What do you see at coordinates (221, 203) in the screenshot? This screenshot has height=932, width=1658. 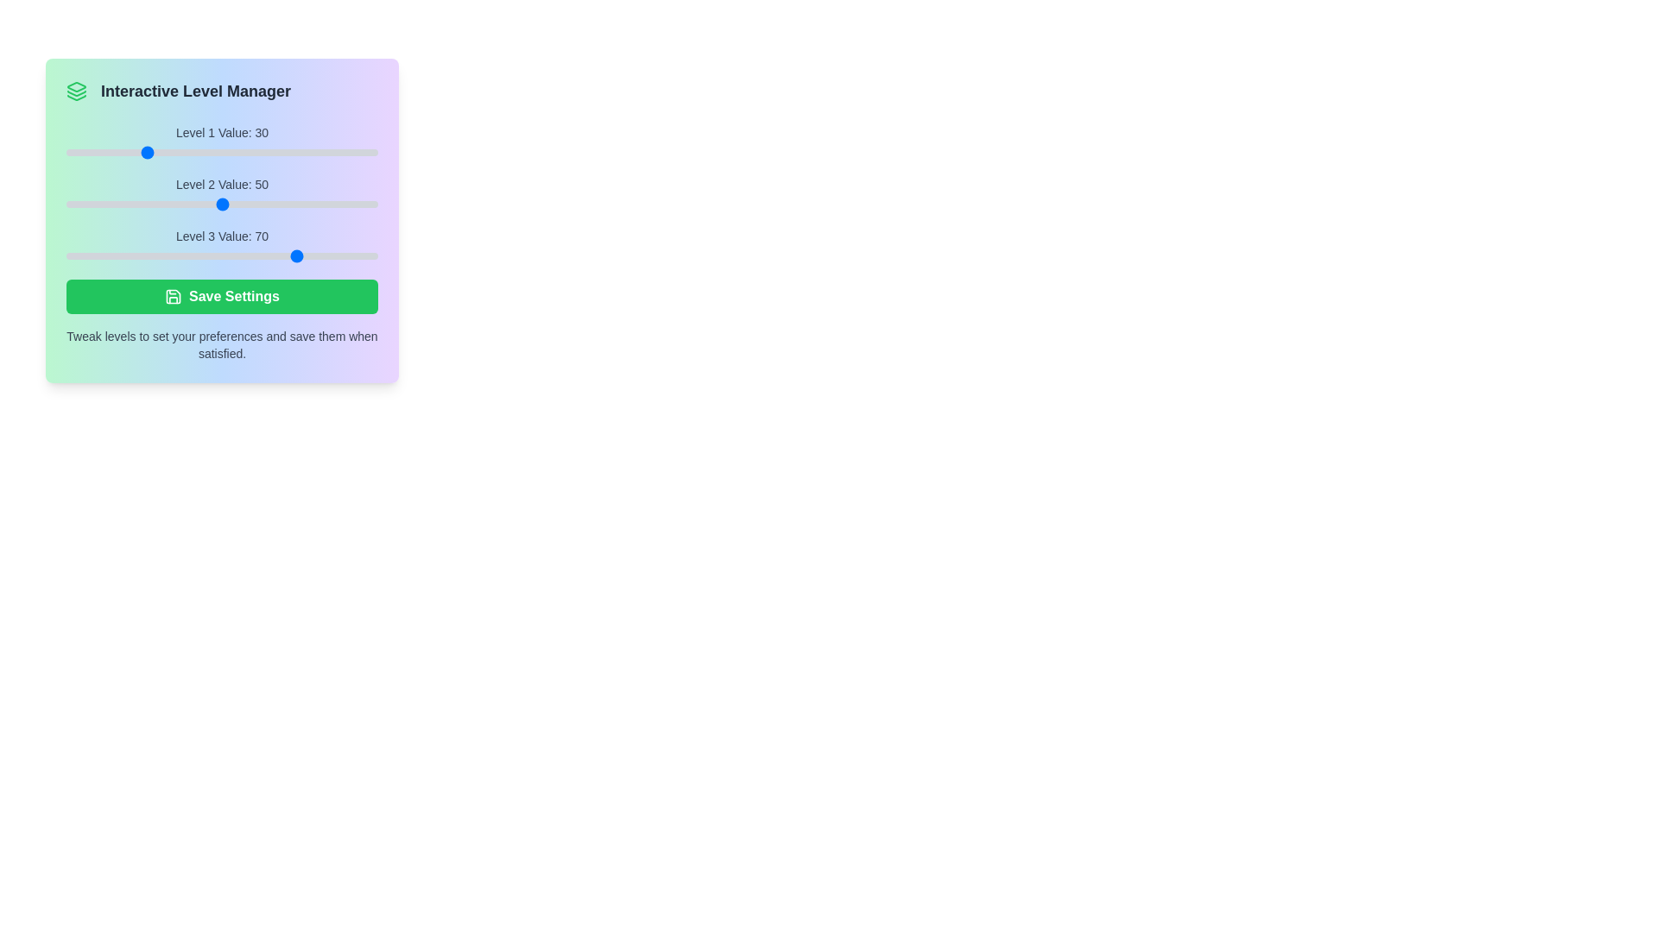 I see `the handle of the horizontal slider located below the label 'Level 2 Value: 50'` at bounding box center [221, 203].